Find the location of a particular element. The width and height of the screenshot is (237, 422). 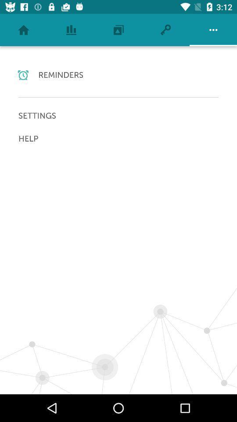

the settings is located at coordinates (118, 115).